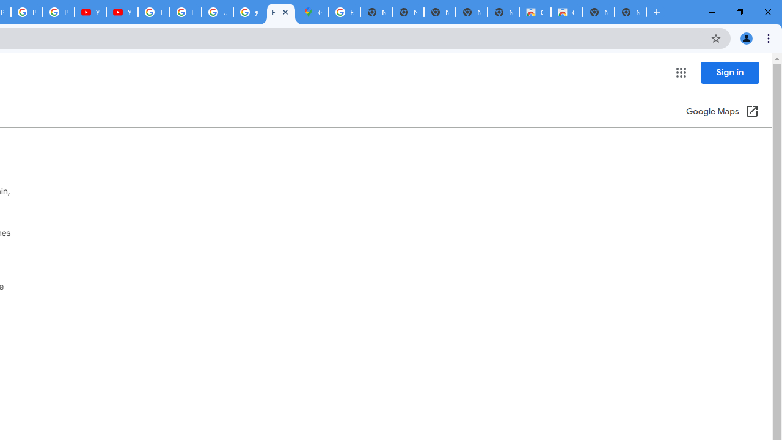 This screenshot has height=440, width=782. I want to click on 'YouTube', so click(89, 12).